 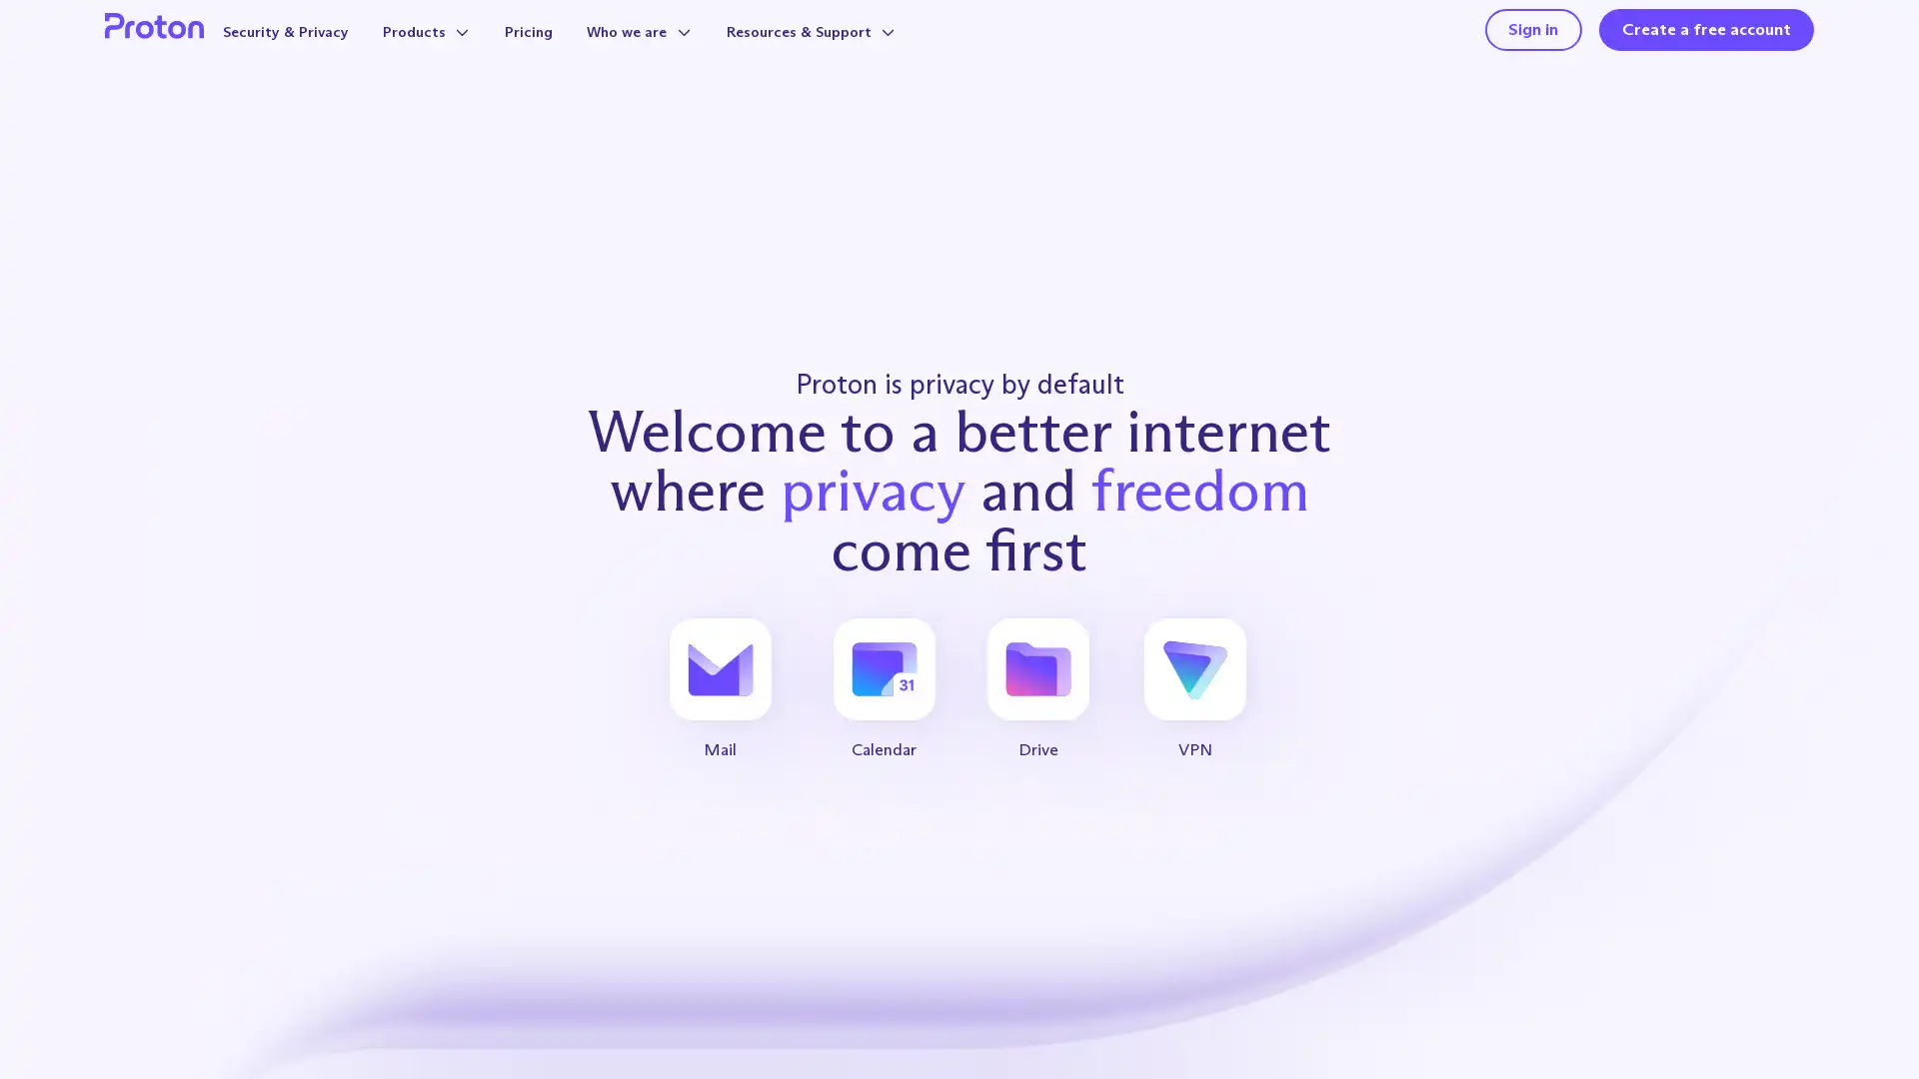 What do you see at coordinates (453, 51) in the screenshot?
I see `Products` at bounding box center [453, 51].